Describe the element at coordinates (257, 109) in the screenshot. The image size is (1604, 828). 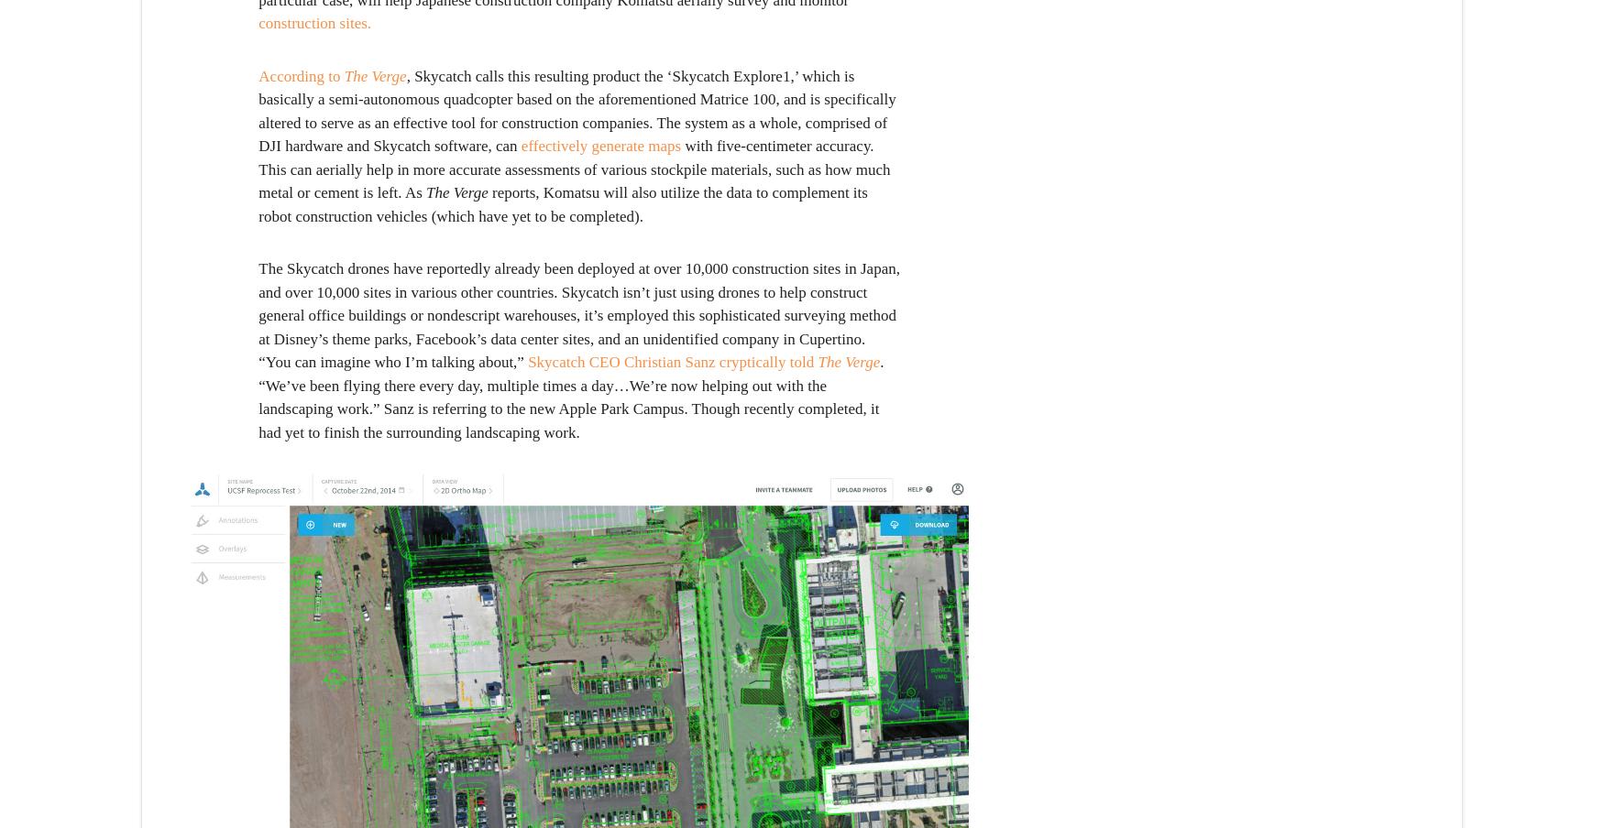
I see `', Skycatch calls this resulting product the ‘Skycatch Explore1,’ which is basically a semi-autonomous quadcopter based on the aforementioned Matrice 100, and is specifically altered to serve as an effective tool for construction companies. The system as a whole, comprised of DJI hardware and Skycatch software, can'` at that location.